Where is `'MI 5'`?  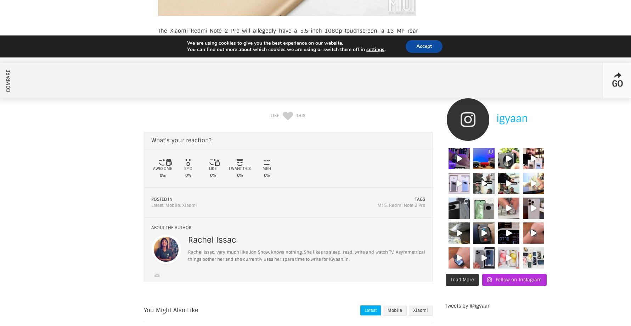
'MI 5' is located at coordinates (377, 205).